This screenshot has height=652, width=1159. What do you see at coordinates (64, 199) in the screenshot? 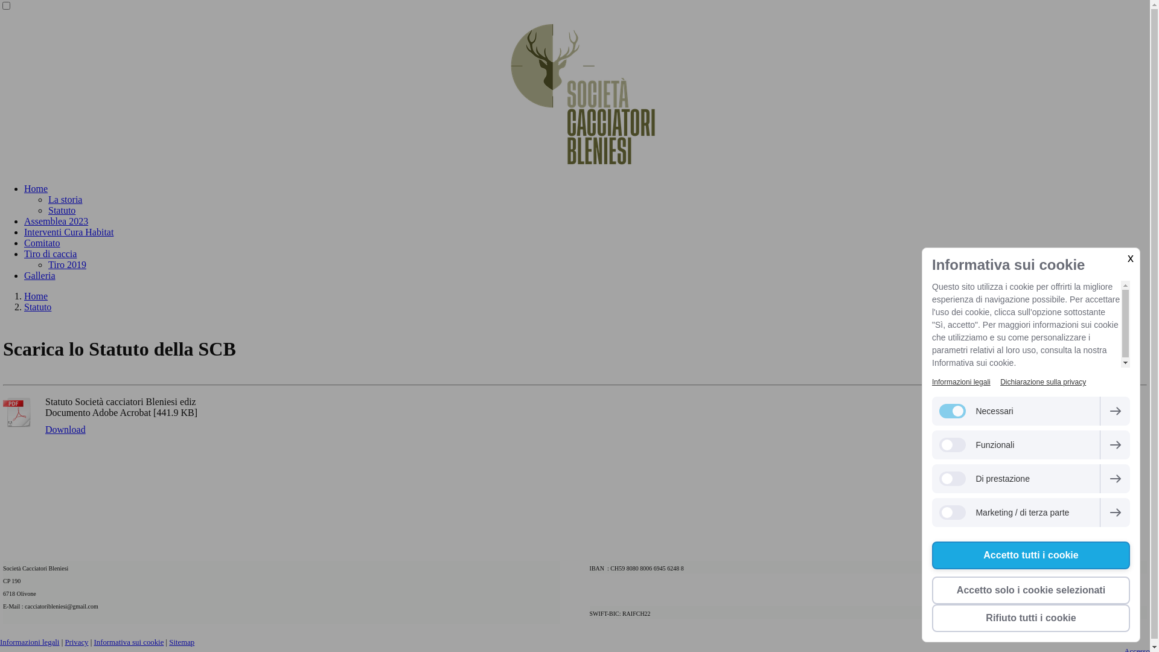
I see `'La storia'` at bounding box center [64, 199].